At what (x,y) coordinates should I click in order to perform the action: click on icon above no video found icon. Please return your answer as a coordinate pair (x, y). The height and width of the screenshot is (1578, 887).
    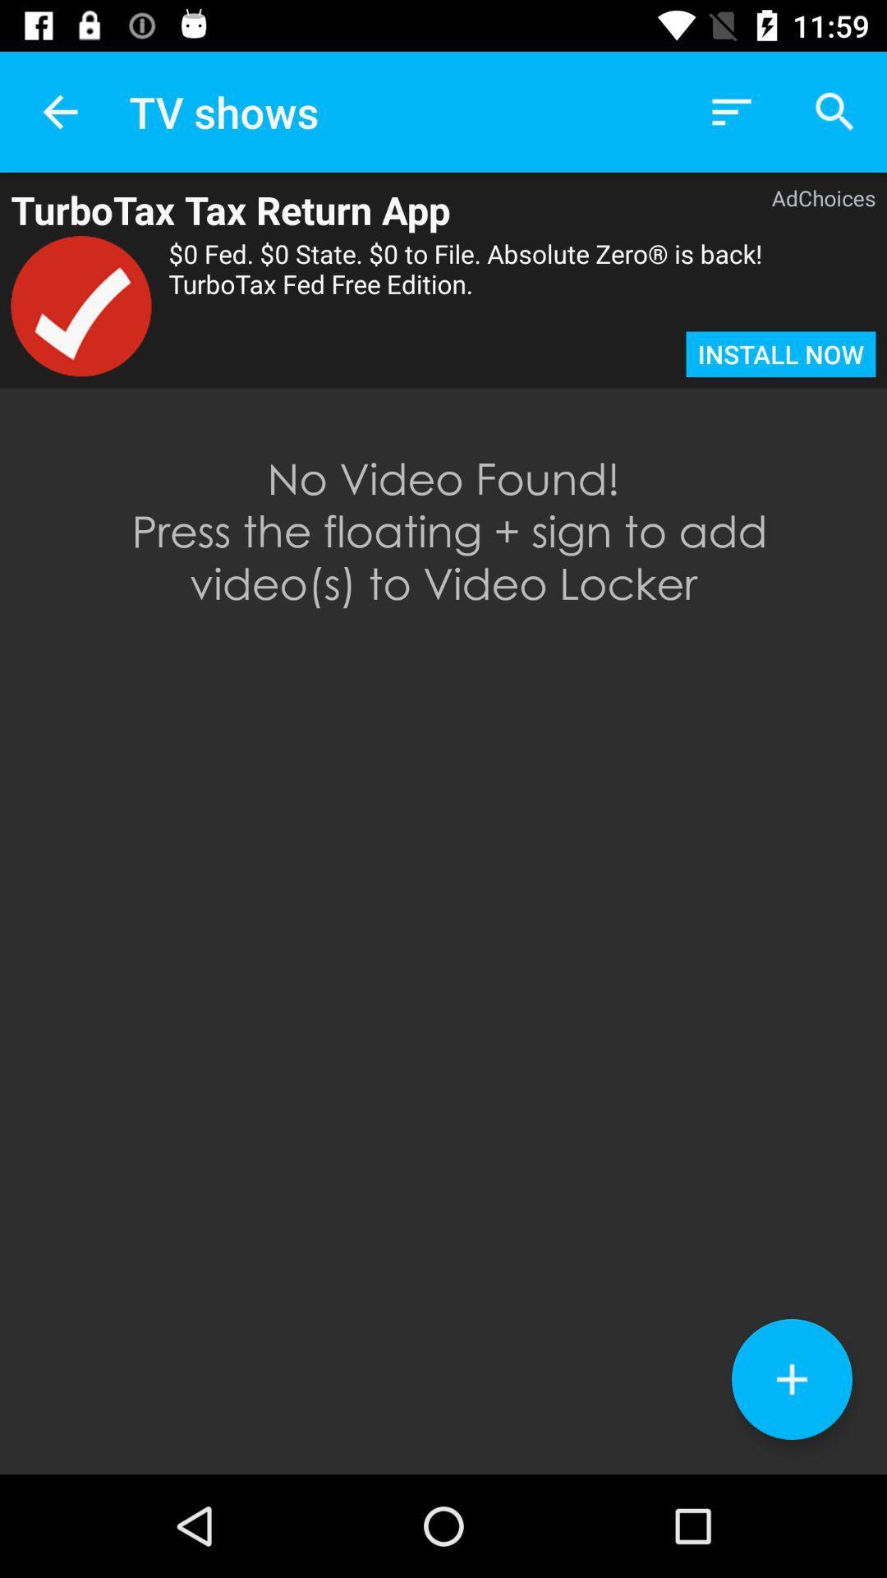
    Looking at the image, I should click on (780, 353).